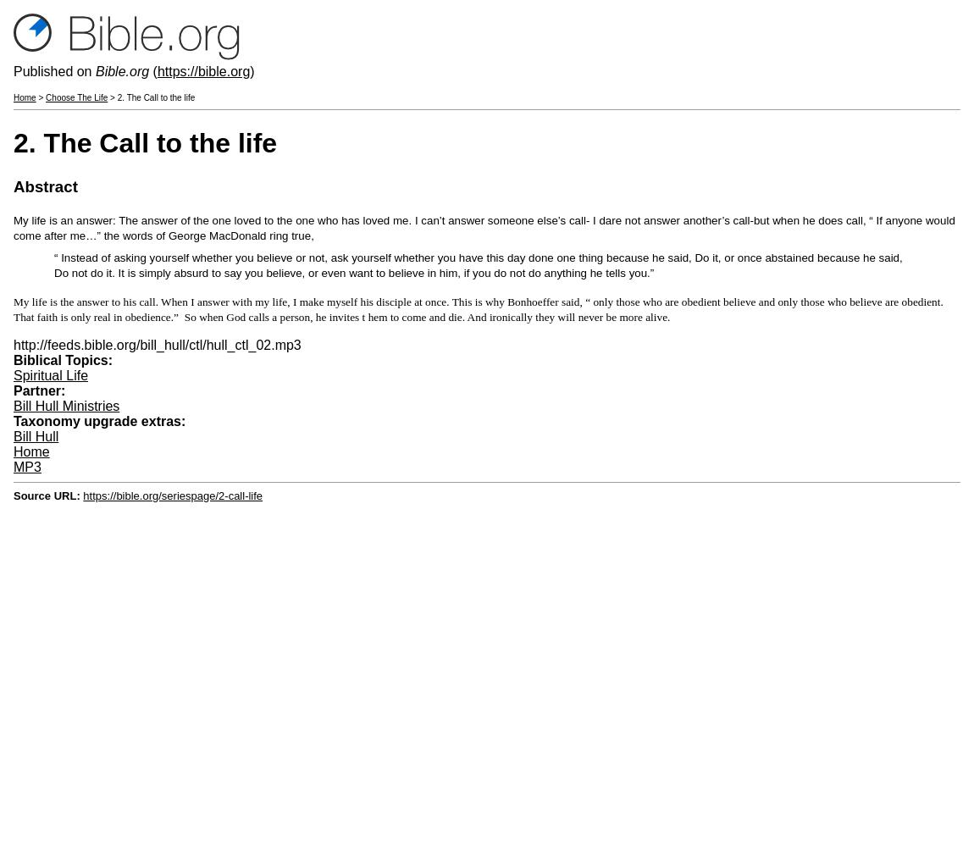 This screenshot has height=847, width=974. Describe the element at coordinates (64, 359) in the screenshot. I see `'Biblical Topics:'` at that location.